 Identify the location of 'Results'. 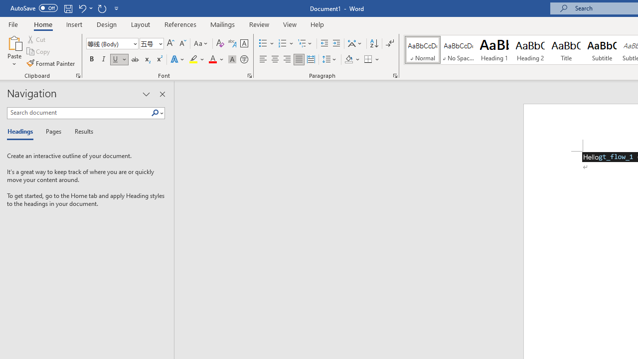
(80, 132).